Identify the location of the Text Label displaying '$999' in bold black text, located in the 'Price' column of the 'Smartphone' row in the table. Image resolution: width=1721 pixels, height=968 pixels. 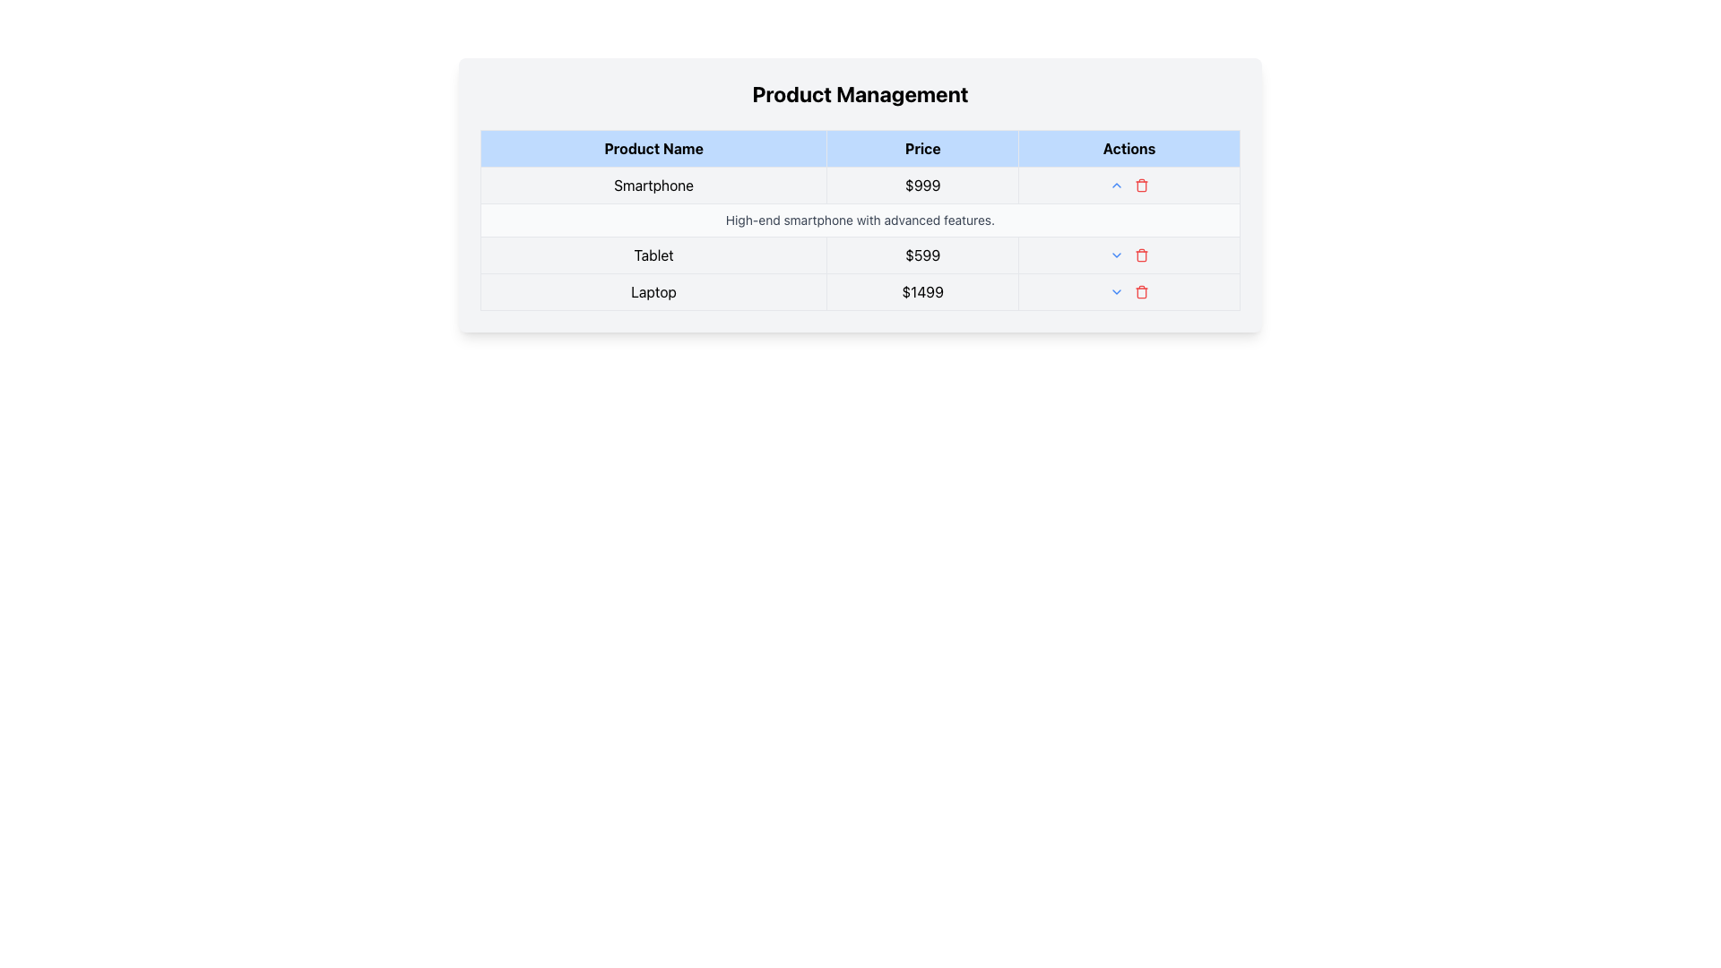
(922, 186).